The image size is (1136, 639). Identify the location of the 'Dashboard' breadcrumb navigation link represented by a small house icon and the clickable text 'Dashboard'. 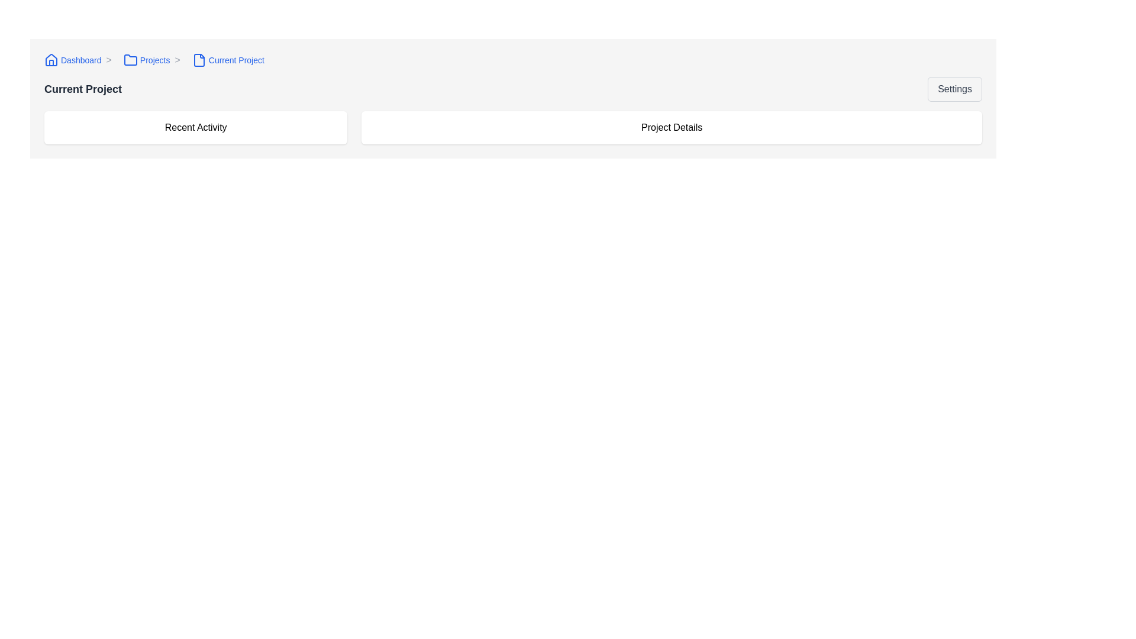
(79, 60).